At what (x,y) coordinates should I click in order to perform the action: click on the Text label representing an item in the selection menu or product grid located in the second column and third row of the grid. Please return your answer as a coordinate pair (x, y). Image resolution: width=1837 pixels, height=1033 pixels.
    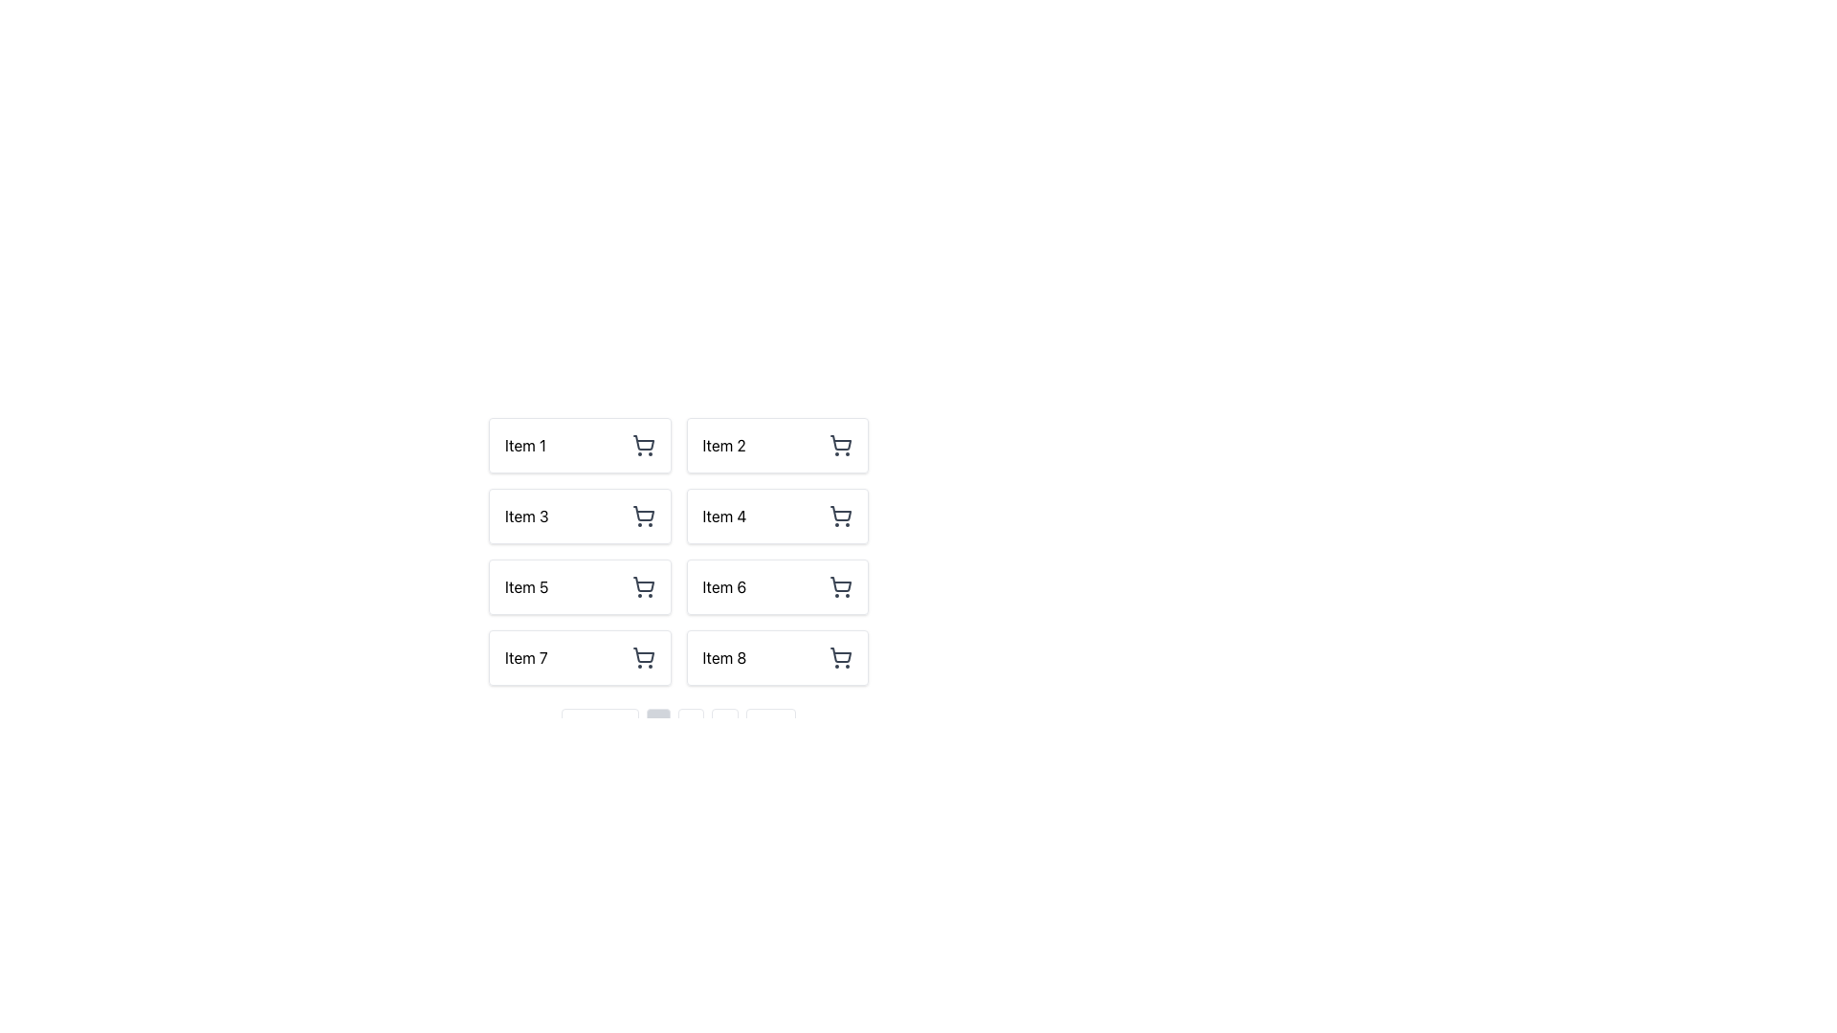
    Looking at the image, I should click on (723, 585).